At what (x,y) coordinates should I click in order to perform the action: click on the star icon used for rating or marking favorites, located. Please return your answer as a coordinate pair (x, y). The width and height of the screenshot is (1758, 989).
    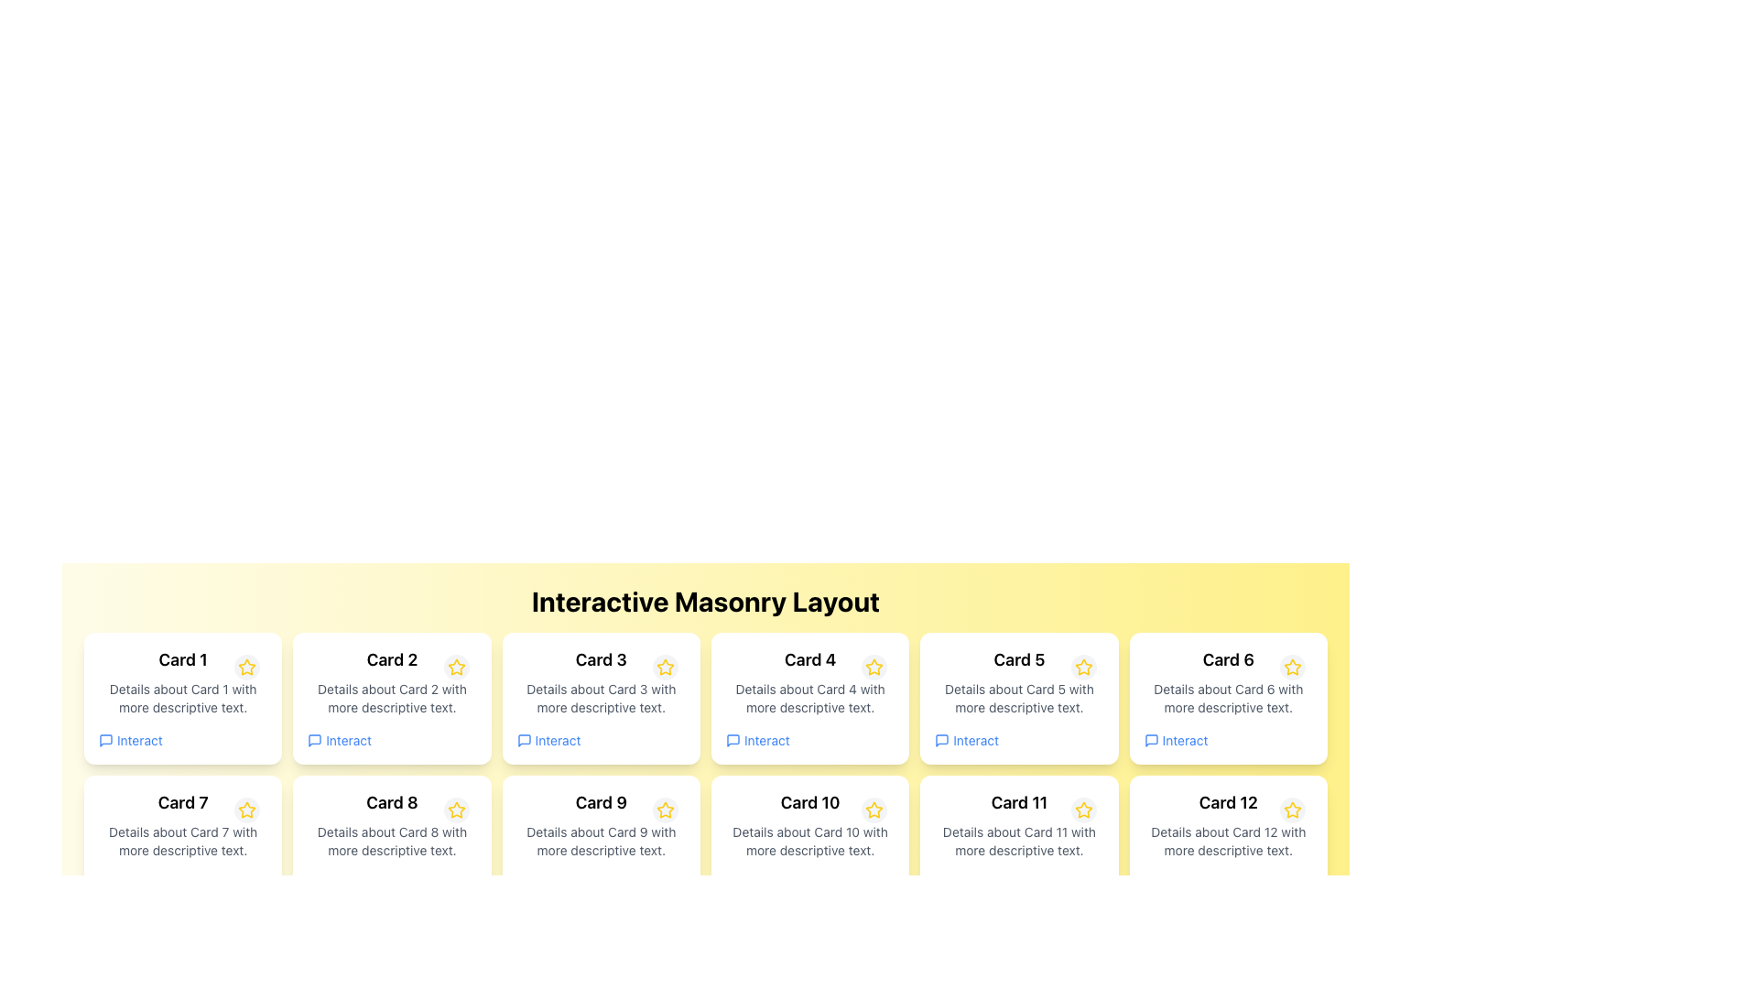
    Looking at the image, I should click on (246, 667).